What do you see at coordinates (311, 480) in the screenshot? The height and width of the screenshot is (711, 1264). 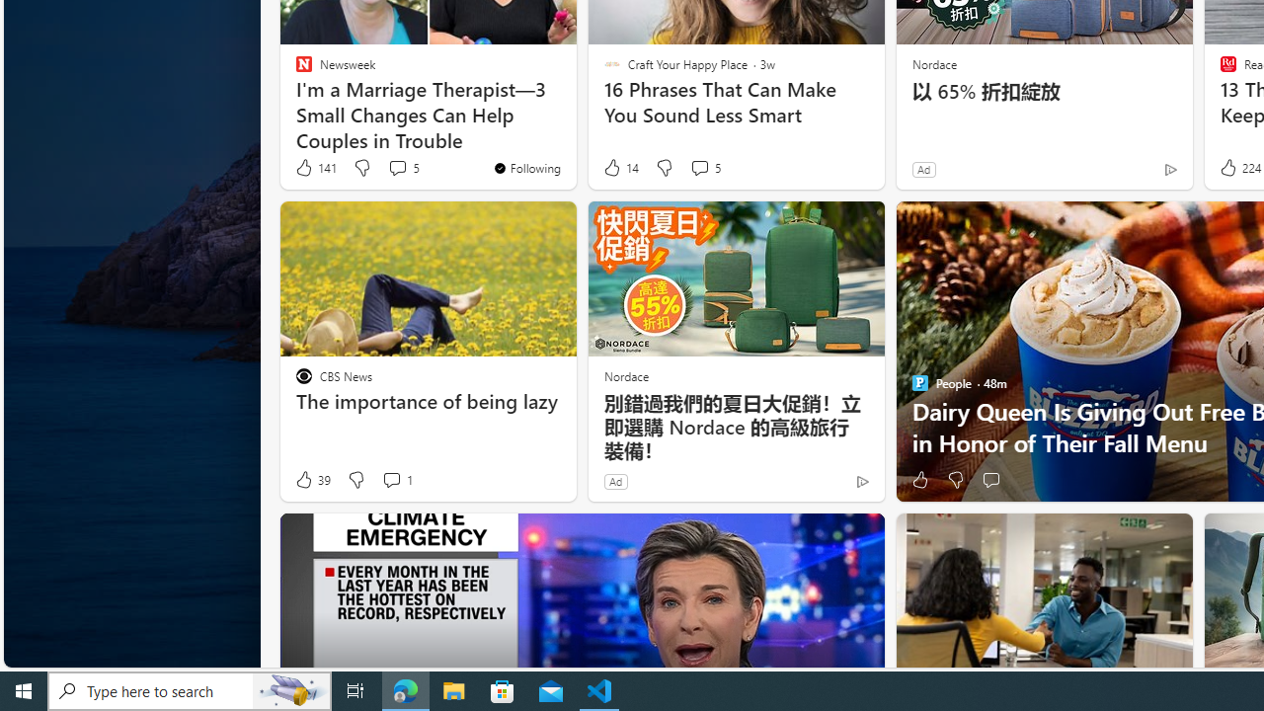 I see `'39 Like'` at bounding box center [311, 480].